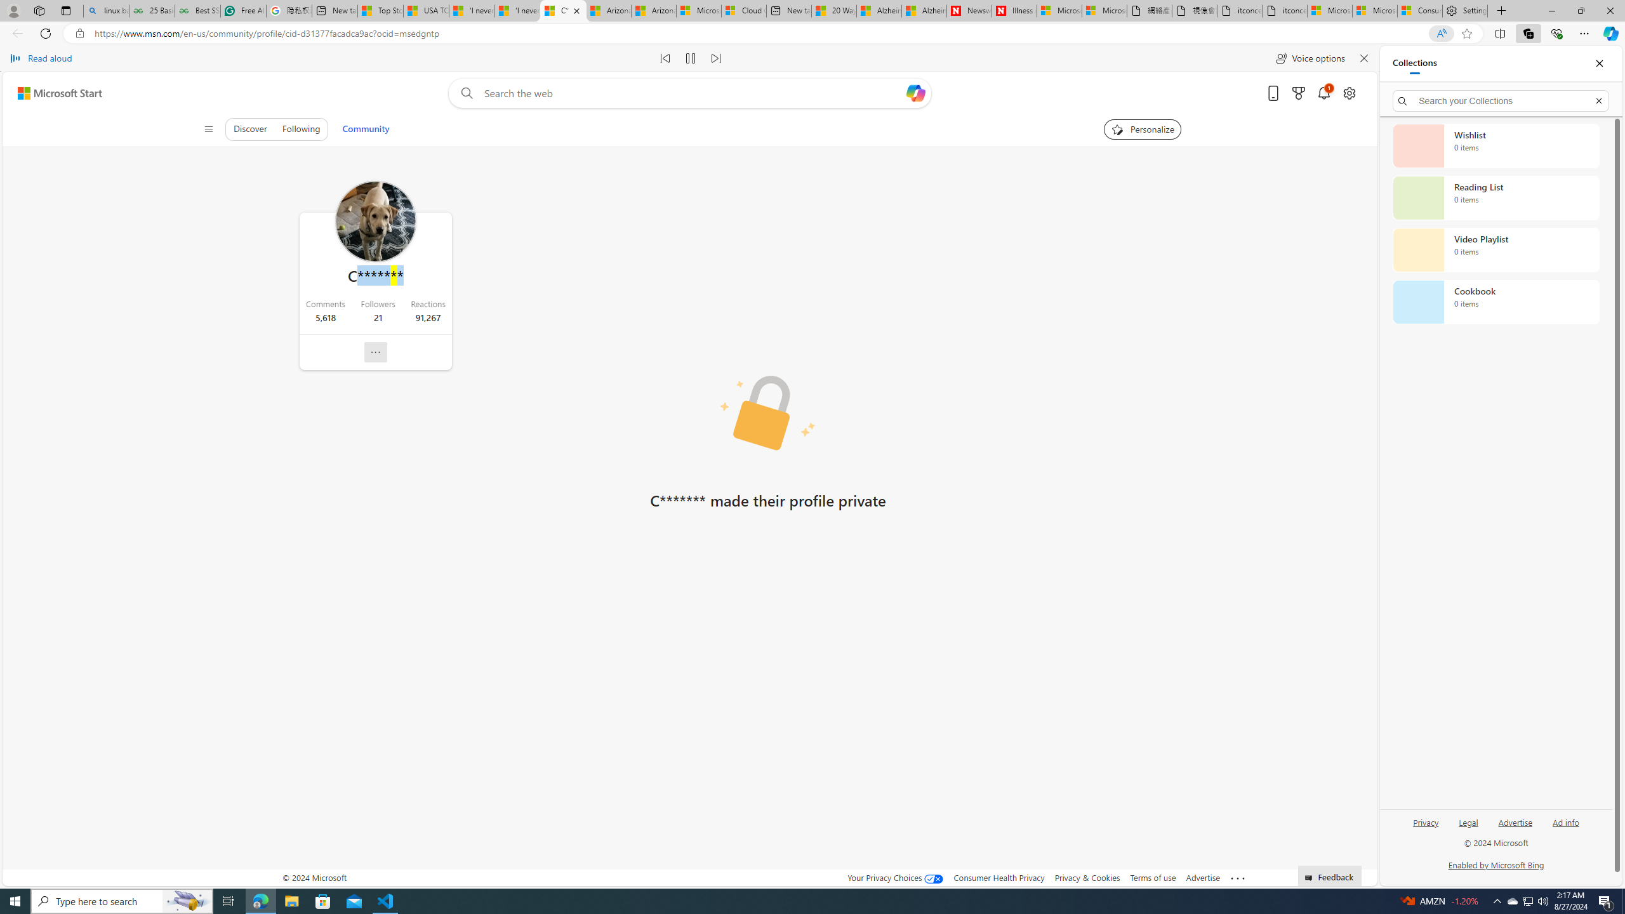  What do you see at coordinates (1599, 100) in the screenshot?
I see `'Exit search'` at bounding box center [1599, 100].